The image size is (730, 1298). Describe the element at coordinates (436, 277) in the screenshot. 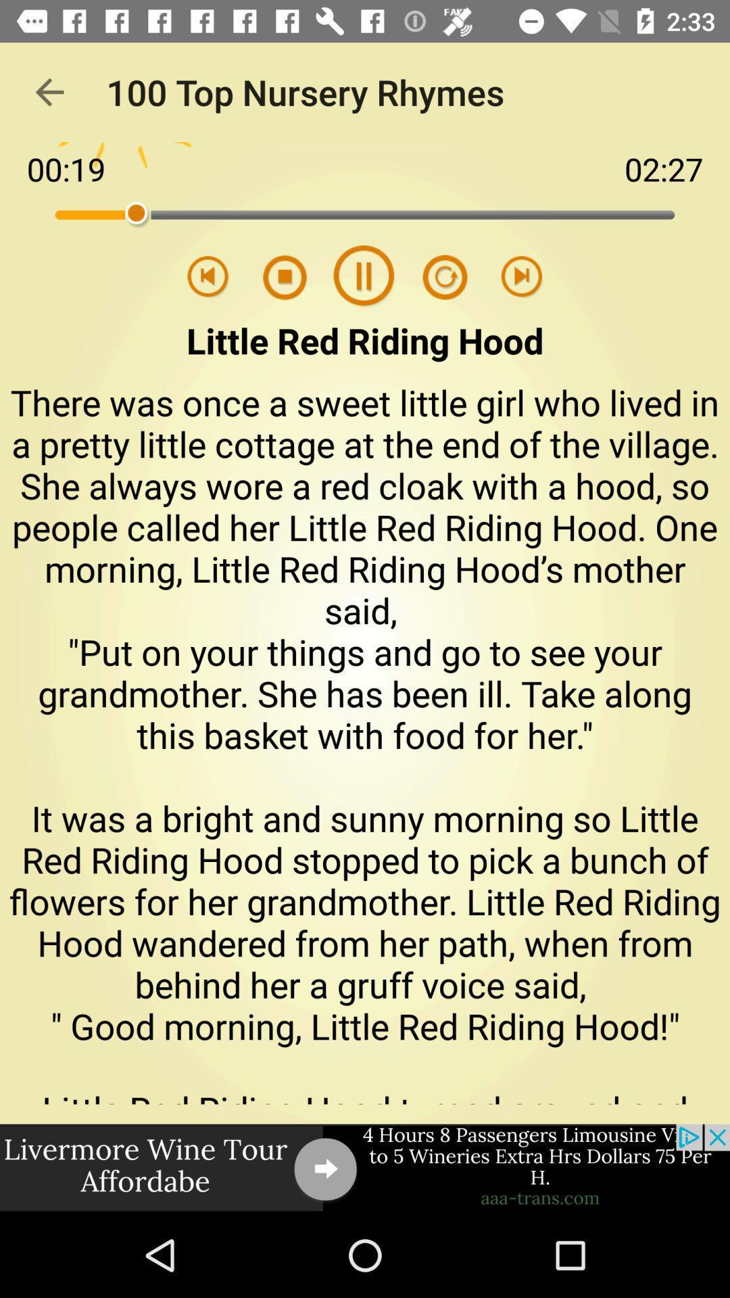

I see `the symbol` at that location.